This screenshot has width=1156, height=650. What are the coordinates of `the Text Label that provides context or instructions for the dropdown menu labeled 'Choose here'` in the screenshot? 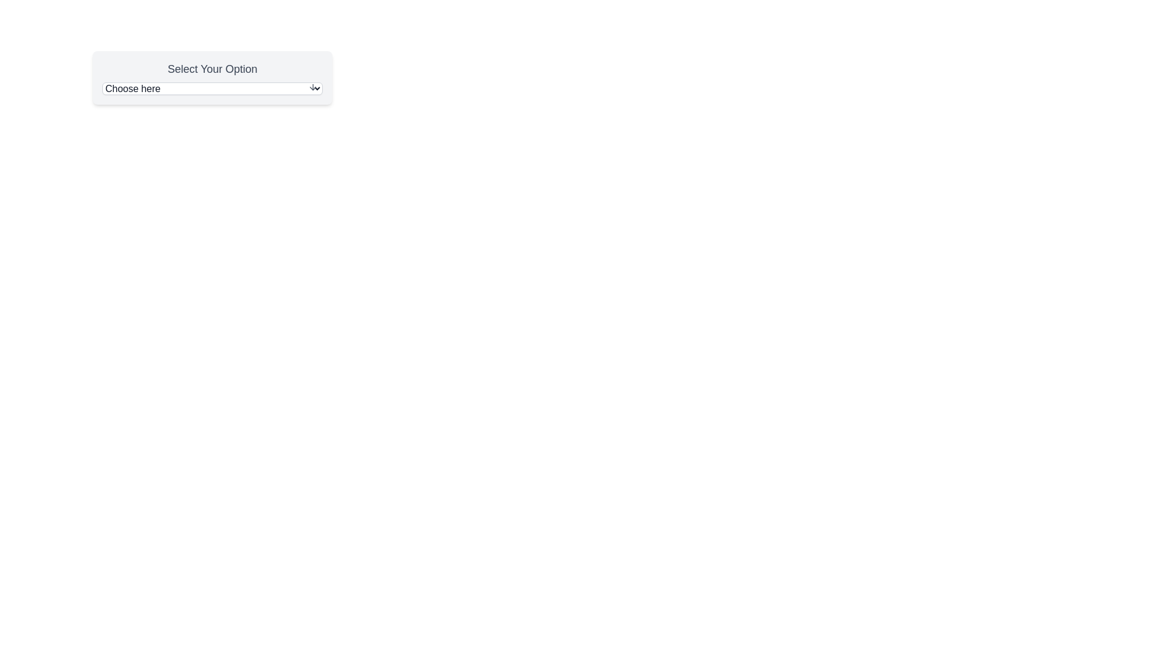 It's located at (213, 69).